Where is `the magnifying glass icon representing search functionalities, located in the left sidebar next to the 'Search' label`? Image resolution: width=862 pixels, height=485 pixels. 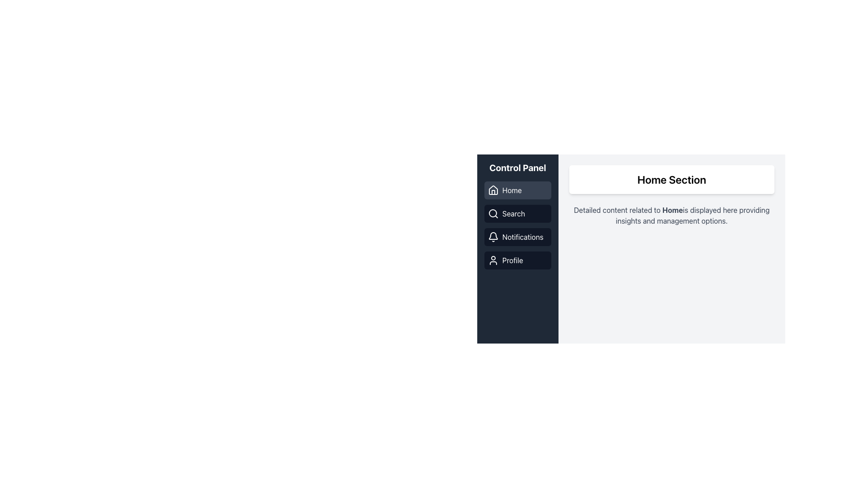
the magnifying glass icon representing search functionalities, located in the left sidebar next to the 'Search' label is located at coordinates (493, 213).